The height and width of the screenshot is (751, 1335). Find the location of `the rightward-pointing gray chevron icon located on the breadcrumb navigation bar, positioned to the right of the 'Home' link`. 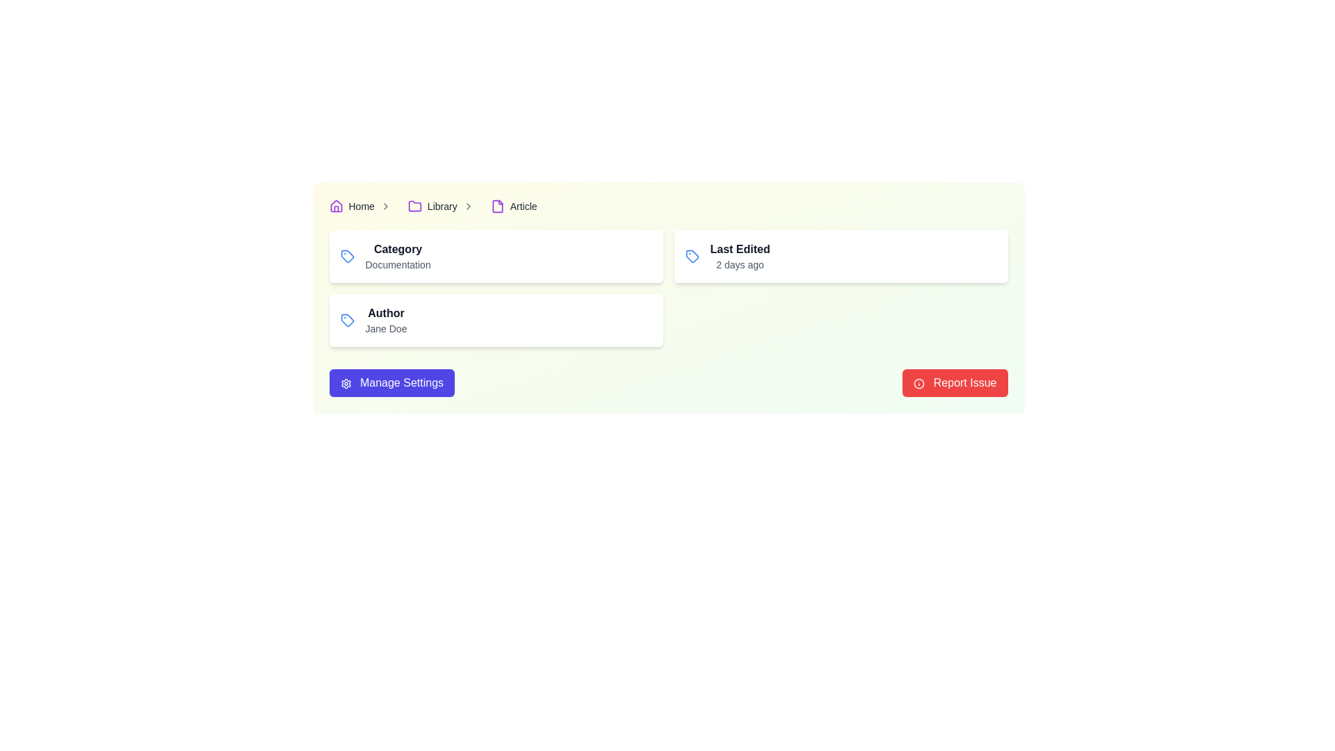

the rightward-pointing gray chevron icon located on the breadcrumb navigation bar, positioned to the right of the 'Home' link is located at coordinates (385, 207).